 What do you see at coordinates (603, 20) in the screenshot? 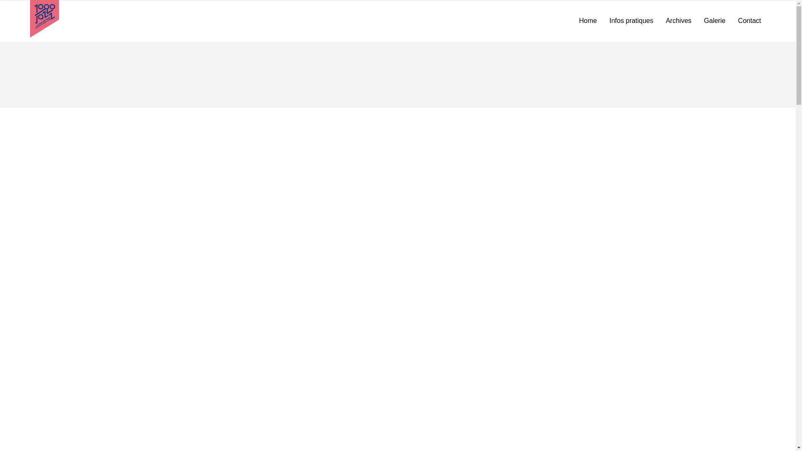
I see `'Infos pratiques'` at bounding box center [603, 20].